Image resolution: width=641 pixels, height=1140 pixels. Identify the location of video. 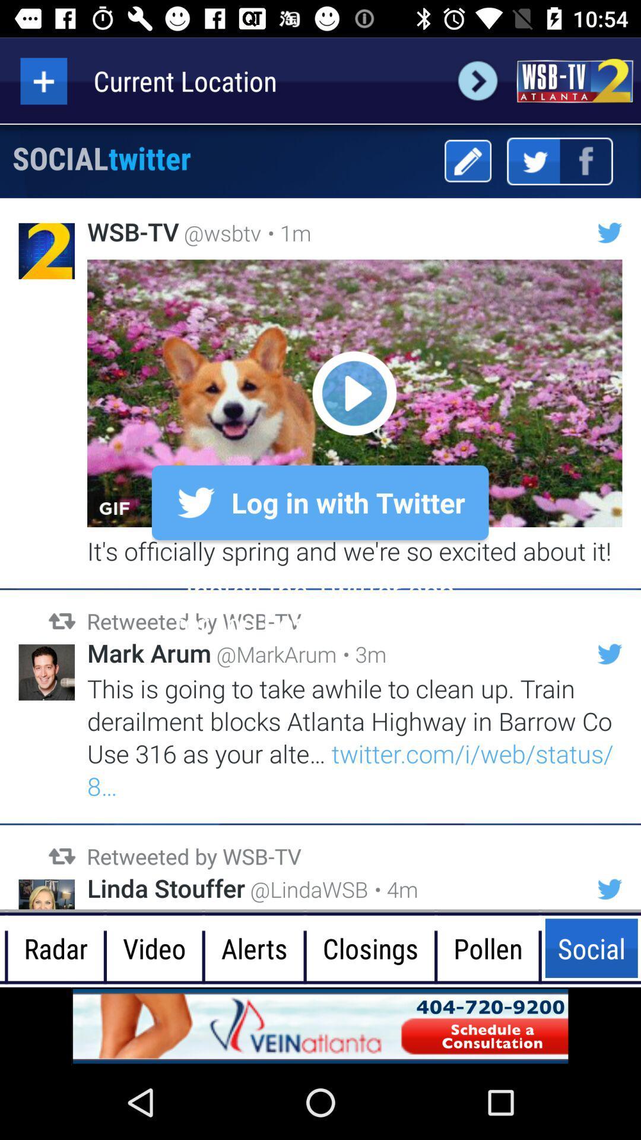
(354, 393).